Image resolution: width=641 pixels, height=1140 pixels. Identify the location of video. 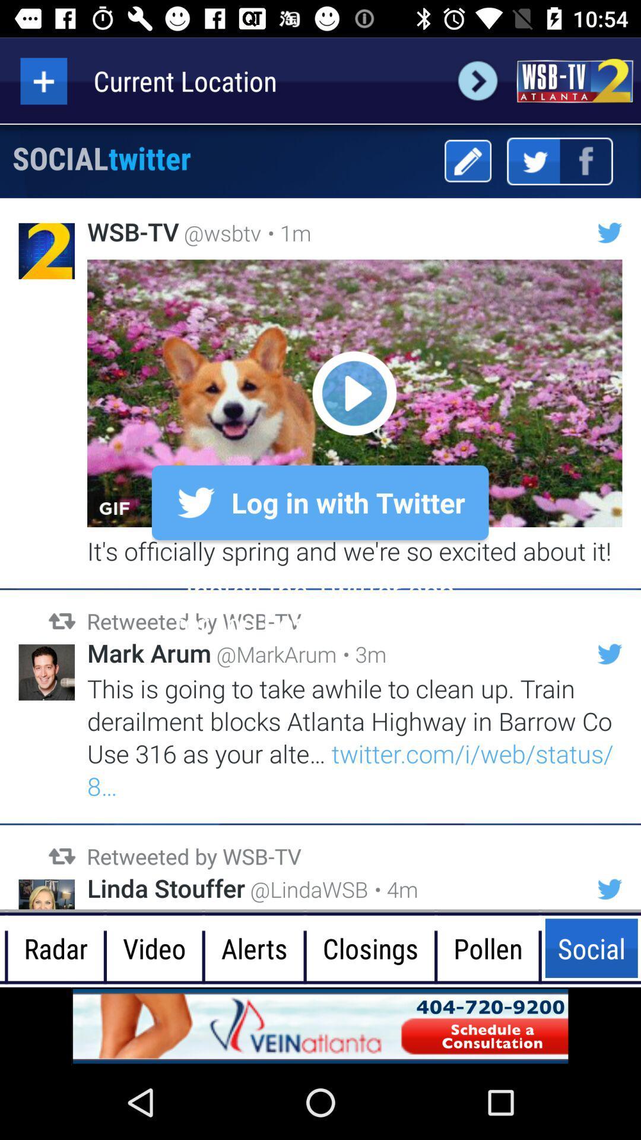
(354, 393).